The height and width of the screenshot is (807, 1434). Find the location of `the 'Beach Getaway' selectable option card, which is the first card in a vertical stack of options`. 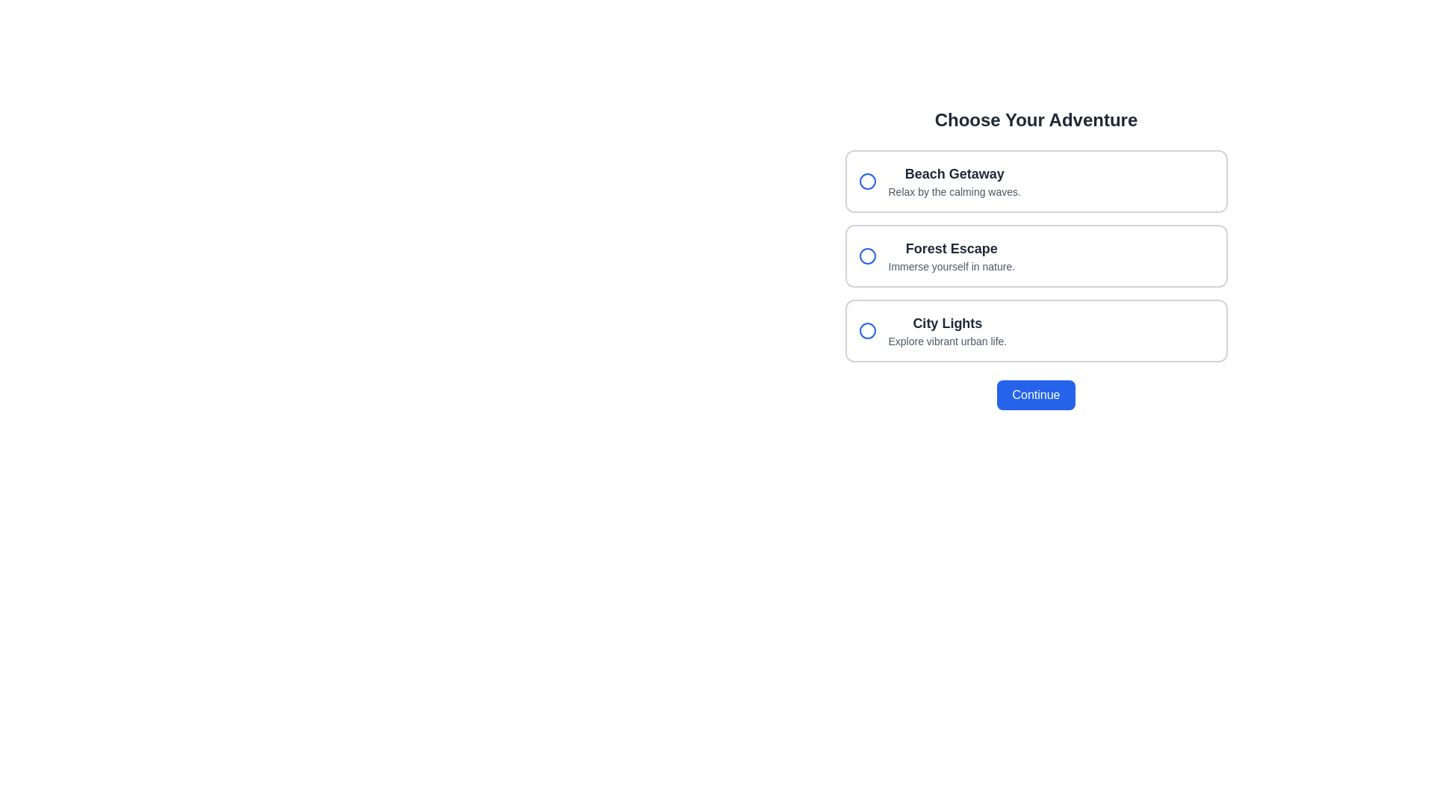

the 'Beach Getaway' selectable option card, which is the first card in a vertical stack of options is located at coordinates (1035, 181).